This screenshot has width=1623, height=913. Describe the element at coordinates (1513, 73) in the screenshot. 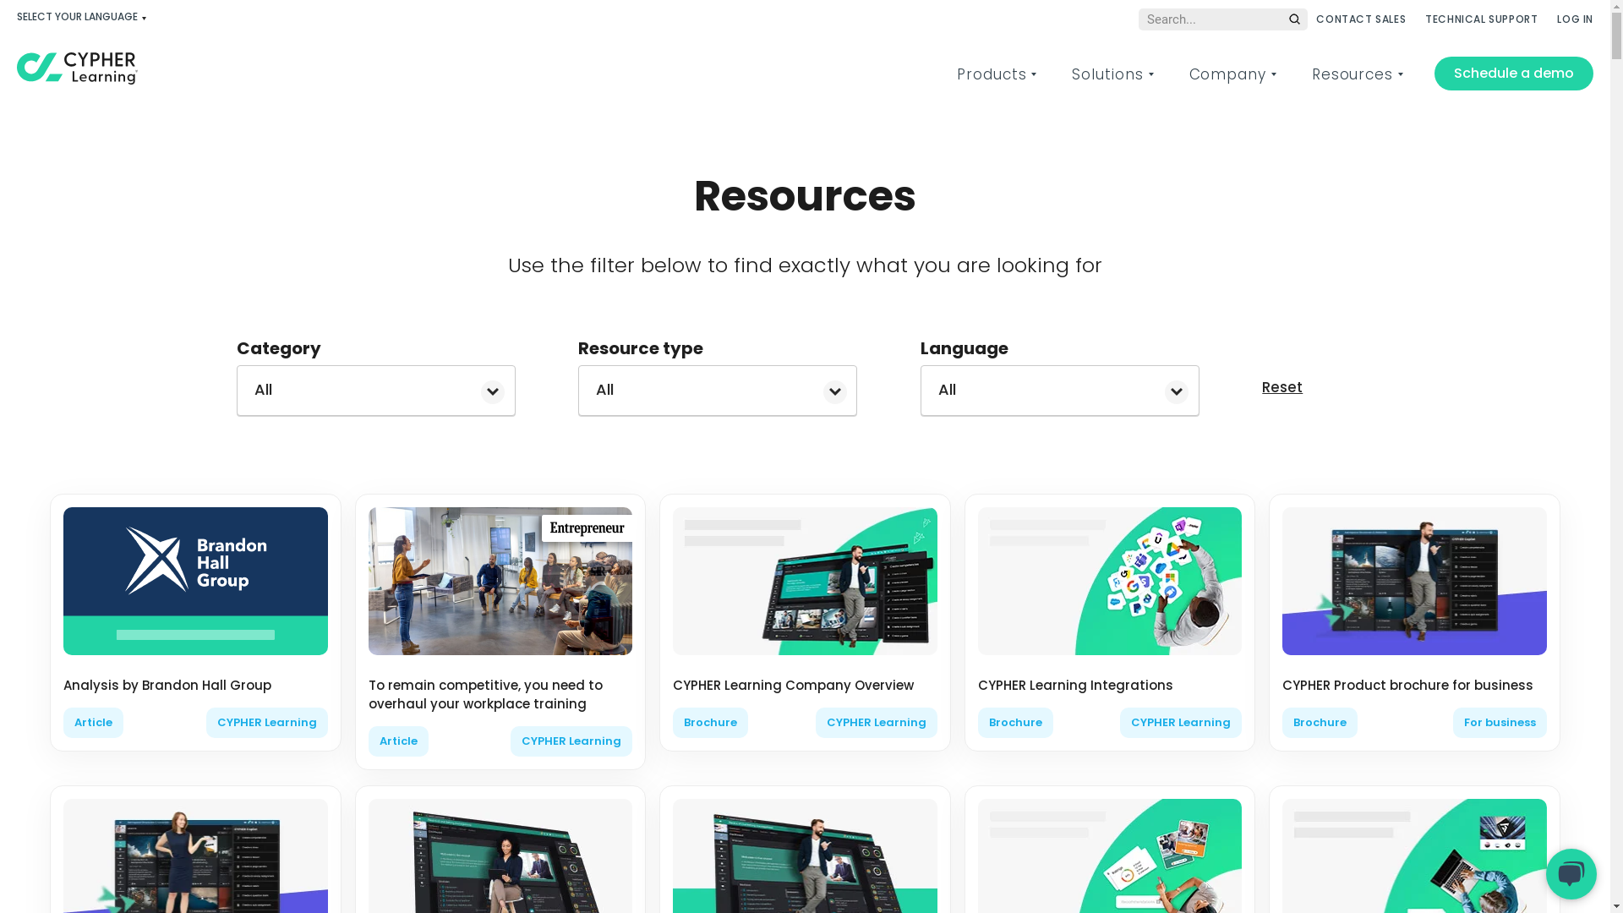

I see `'Schedule a demo'` at that location.